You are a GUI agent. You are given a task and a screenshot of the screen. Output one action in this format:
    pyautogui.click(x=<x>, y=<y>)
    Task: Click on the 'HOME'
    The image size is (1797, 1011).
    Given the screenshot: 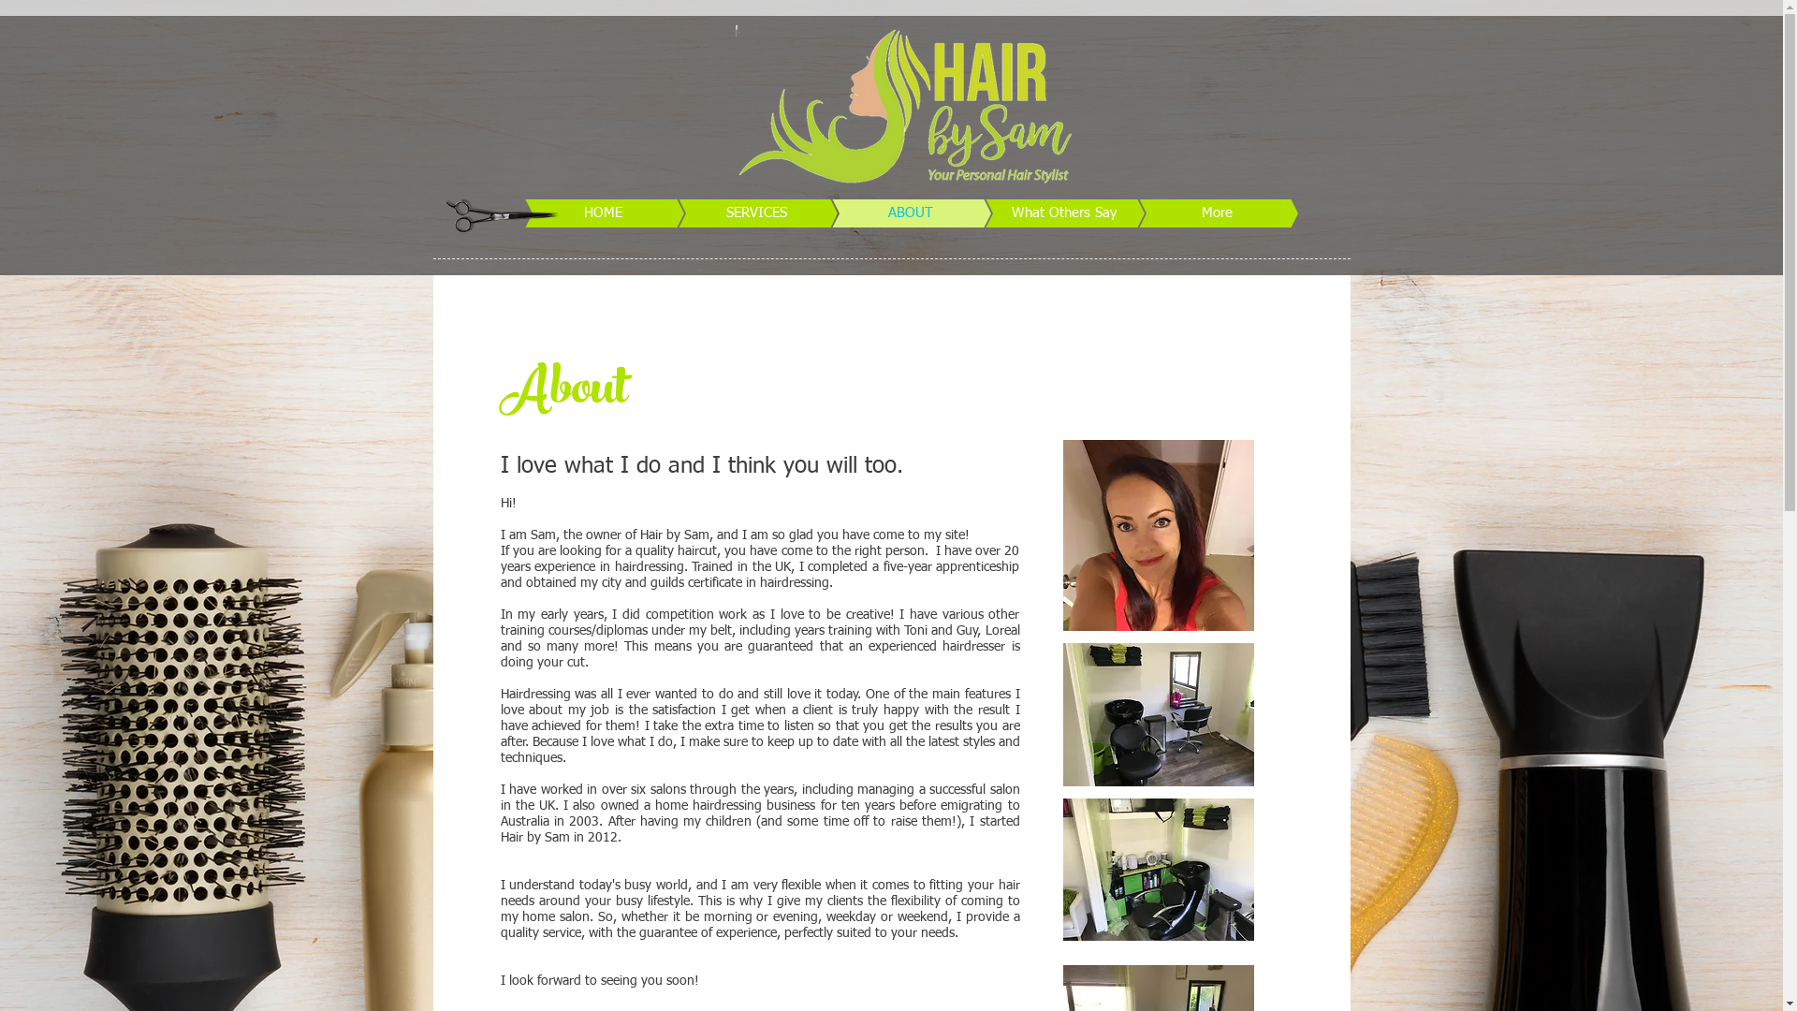 What is the action you would take?
    pyautogui.click(x=574, y=212)
    